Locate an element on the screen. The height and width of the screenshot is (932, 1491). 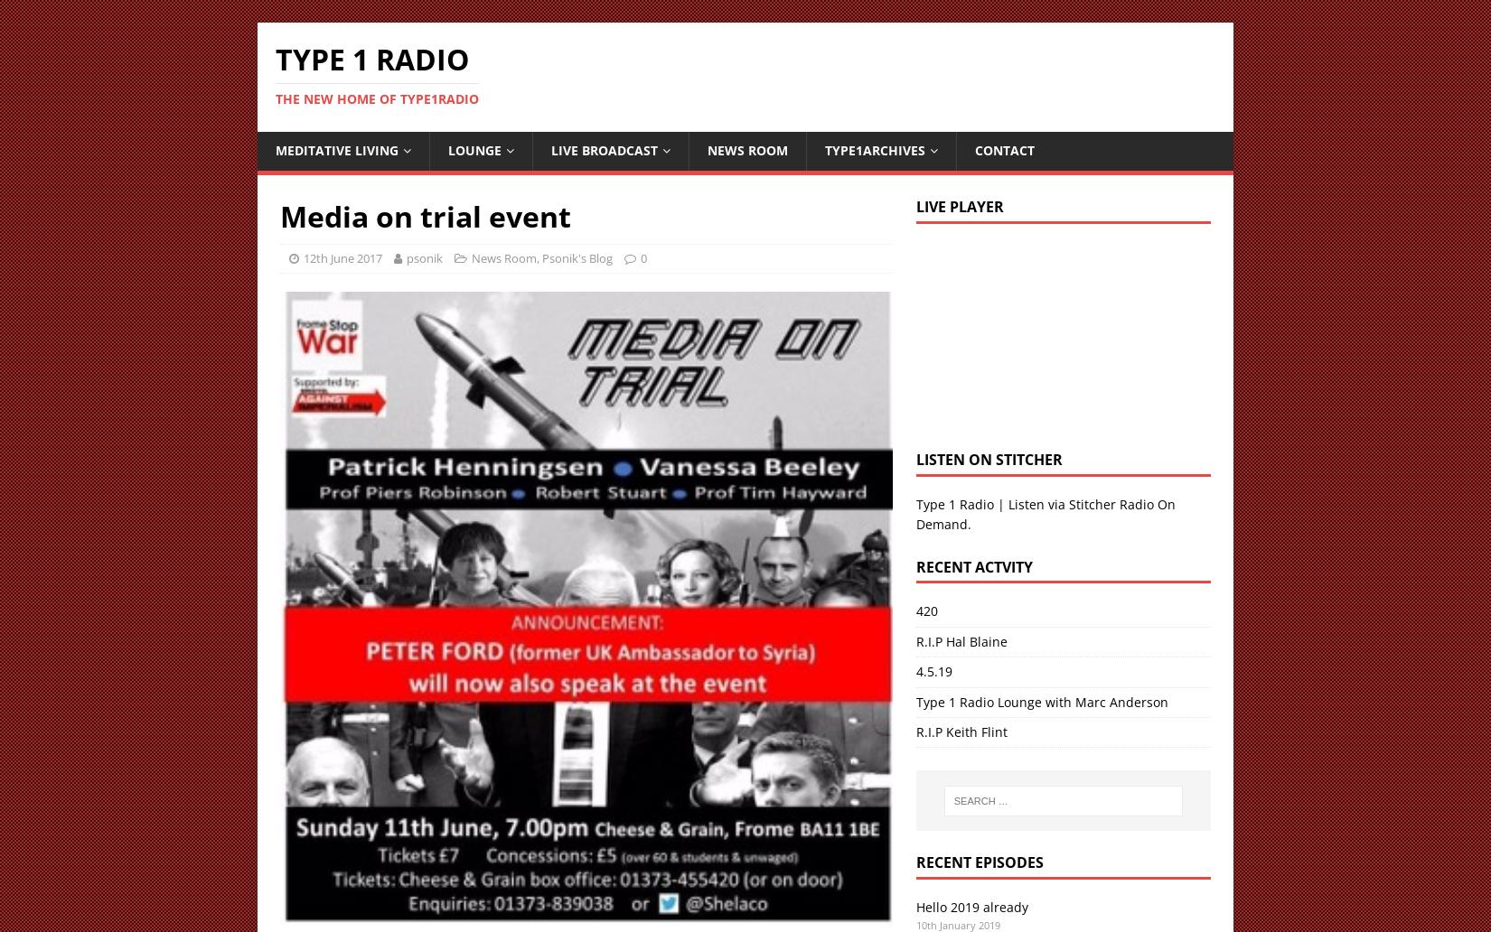
'Type 1 Radio | Listen via Stitcher Radio On Demand' is located at coordinates (1045, 514).